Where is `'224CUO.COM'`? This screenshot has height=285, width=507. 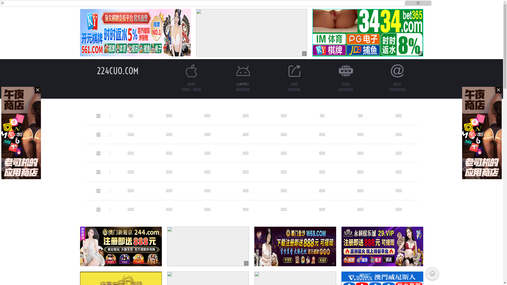
'224CUO.COM' is located at coordinates (96, 70).